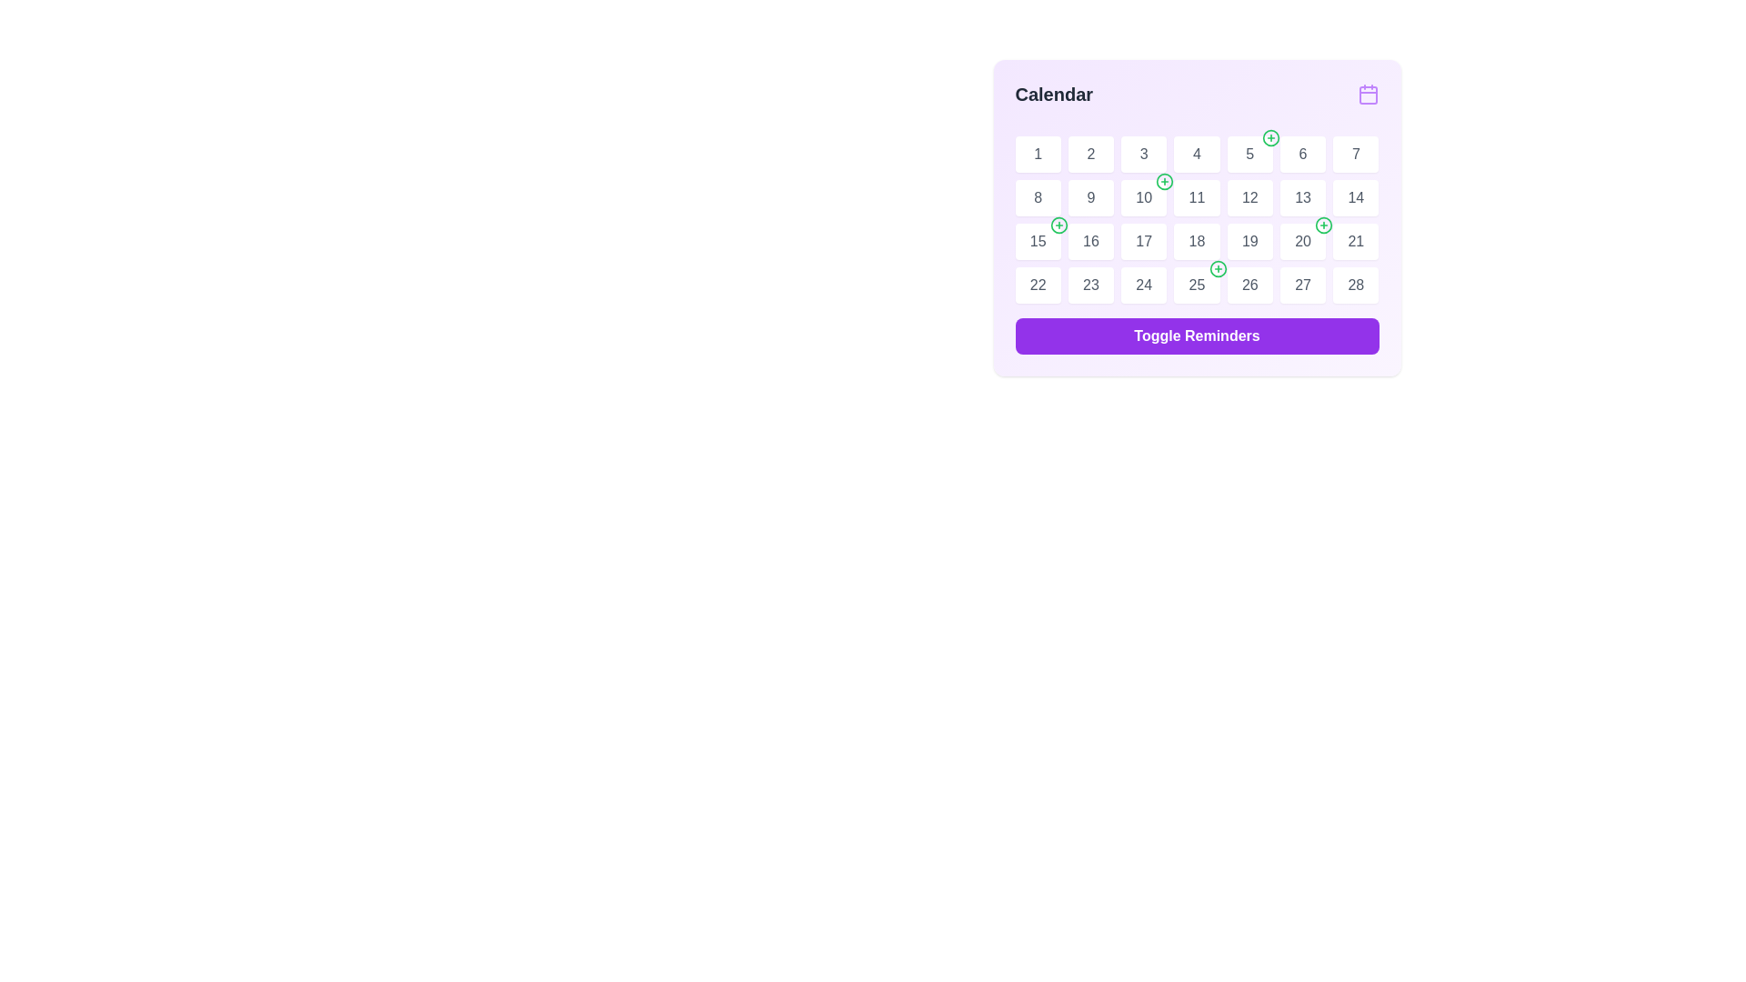 The image size is (1746, 982). Describe the element at coordinates (1143, 285) in the screenshot. I see `the text label indicating the 24th day in the calendar interface, located in the sixth row and fourth column of the calendar grid` at that location.